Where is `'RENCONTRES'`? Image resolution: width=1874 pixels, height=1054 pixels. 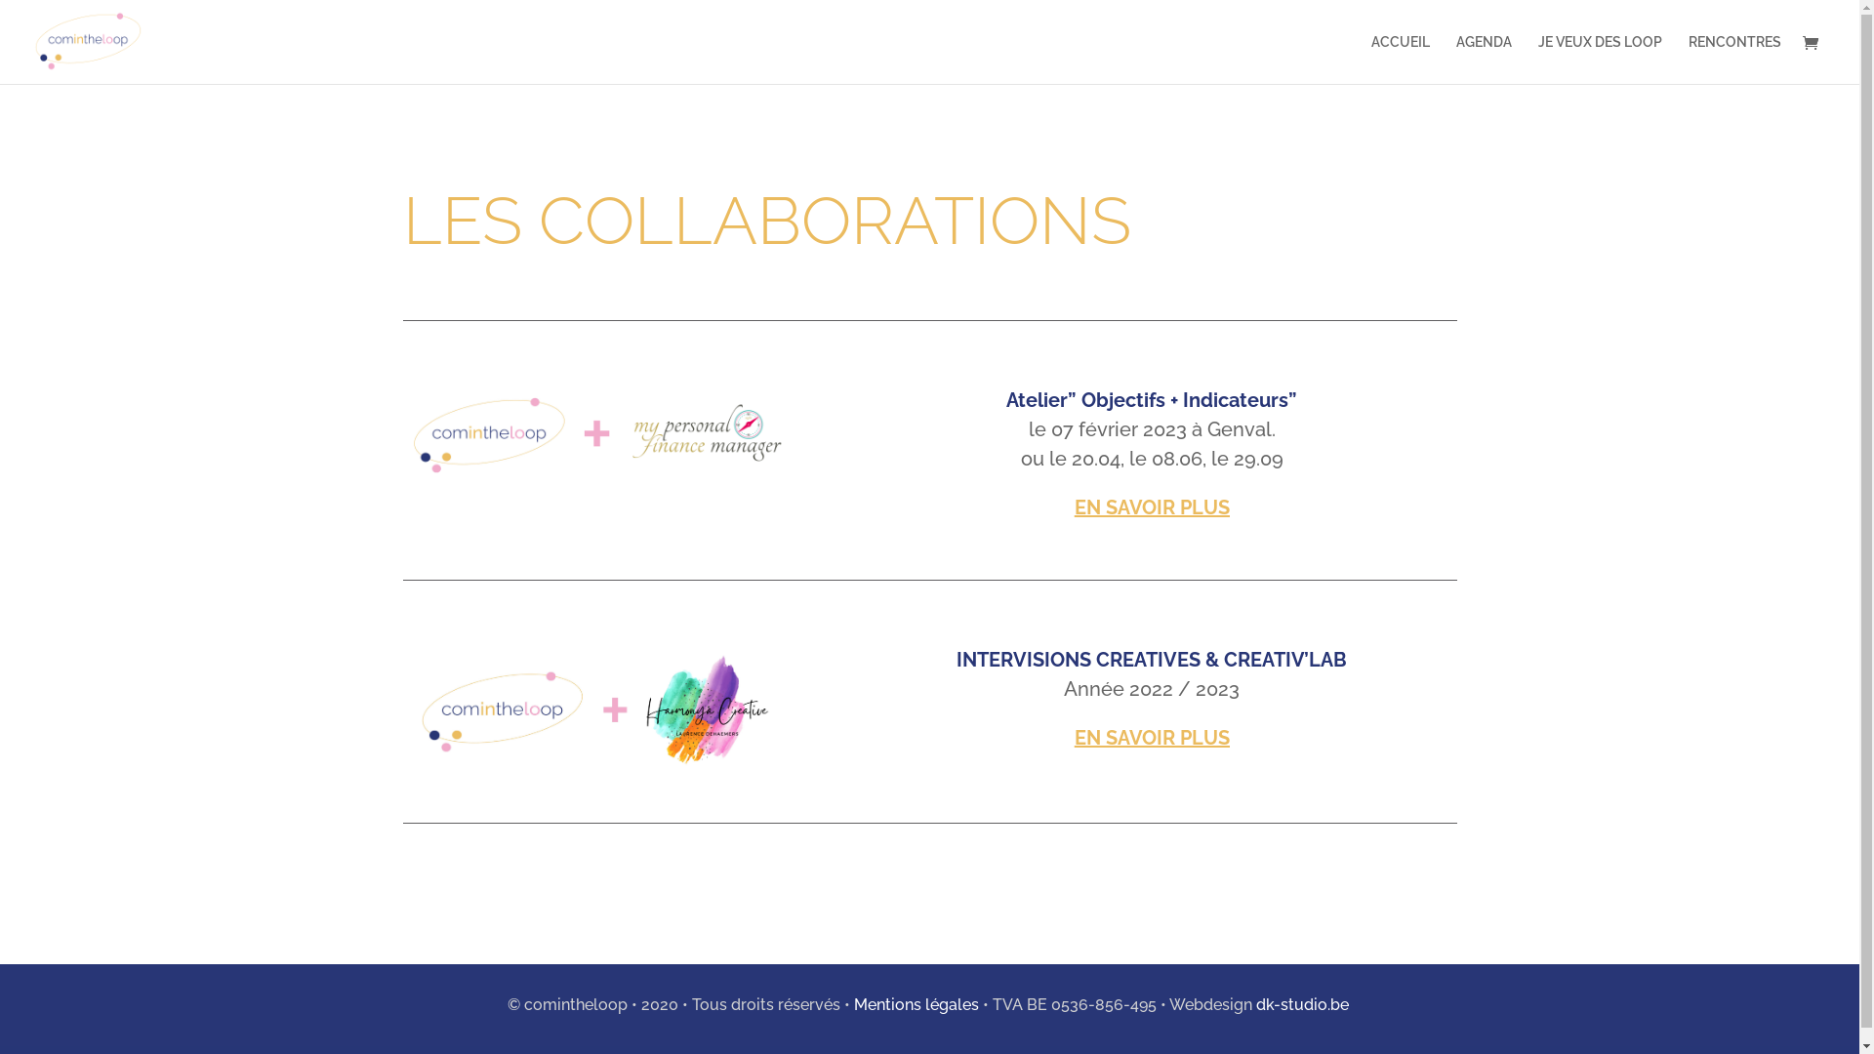
'RENCONTRES' is located at coordinates (1734, 59).